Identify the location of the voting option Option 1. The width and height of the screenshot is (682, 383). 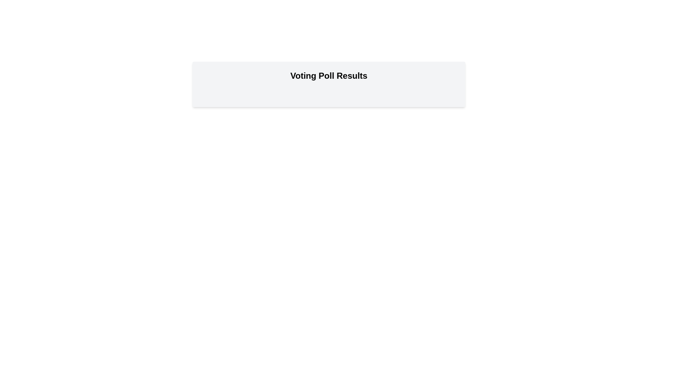
(329, 93).